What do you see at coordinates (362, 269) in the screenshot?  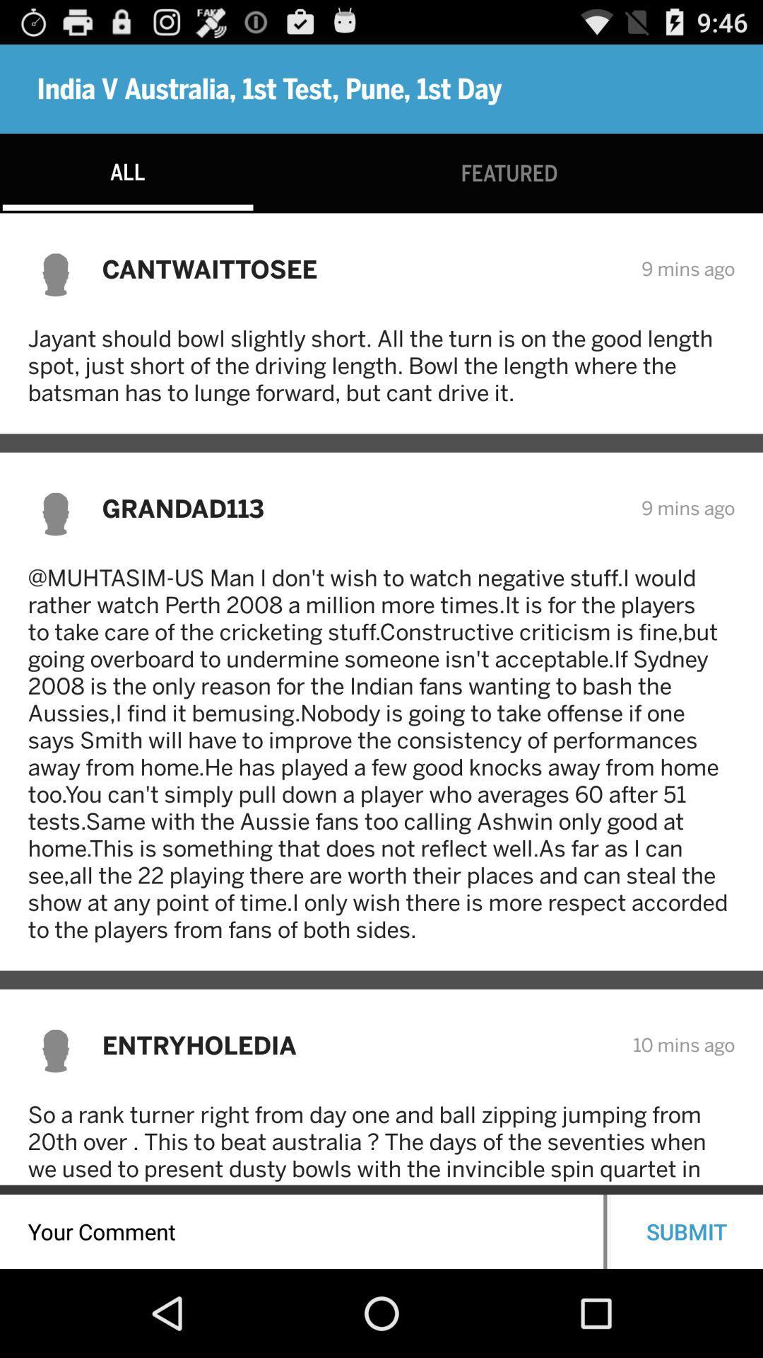 I see `the item to the left of 9 mins ago icon` at bounding box center [362, 269].